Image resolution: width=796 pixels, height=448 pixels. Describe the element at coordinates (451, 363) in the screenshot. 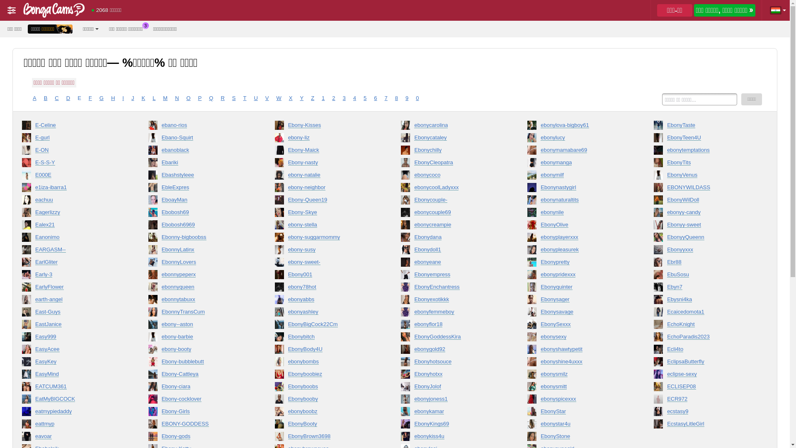

I see `'Ebonyhotsouce'` at that location.